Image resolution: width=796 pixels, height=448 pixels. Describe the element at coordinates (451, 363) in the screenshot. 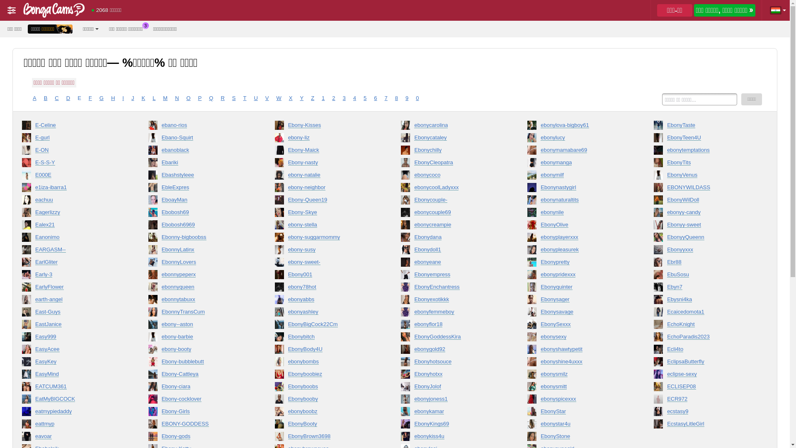

I see `'Ebonyhotsouce'` at that location.